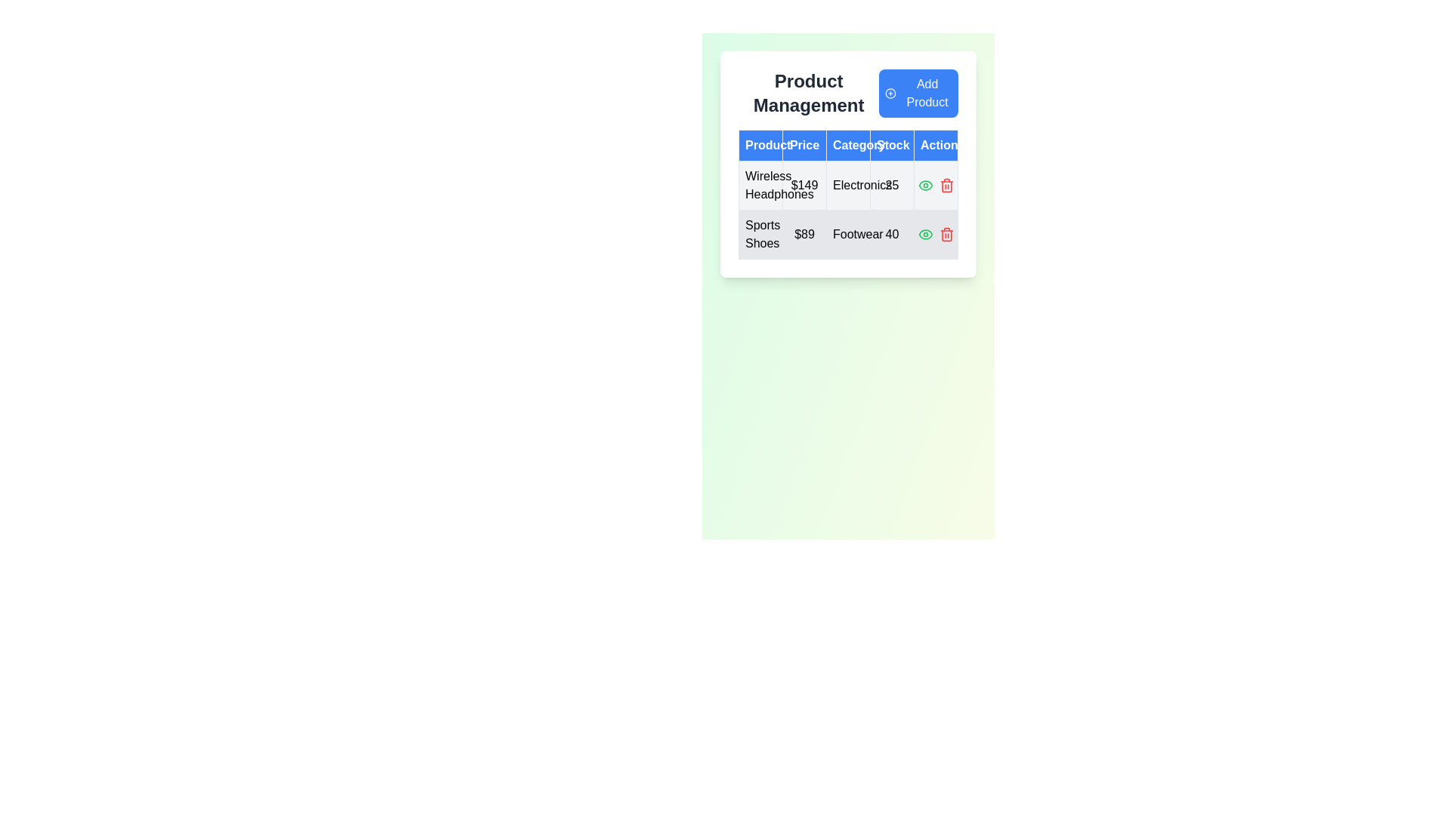  What do you see at coordinates (848, 235) in the screenshot?
I see `the second row in the product information table displaying 'Sports Shoes', which includes details like price, category, and stock count` at bounding box center [848, 235].